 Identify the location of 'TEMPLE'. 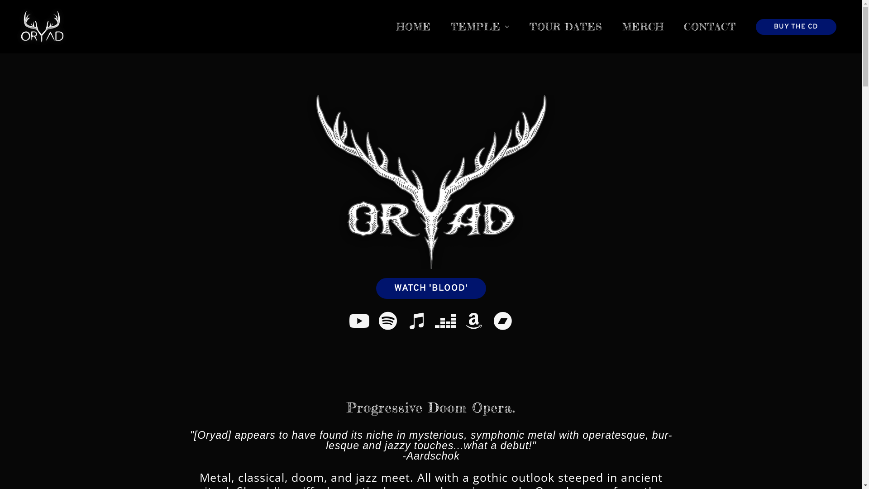
(479, 26).